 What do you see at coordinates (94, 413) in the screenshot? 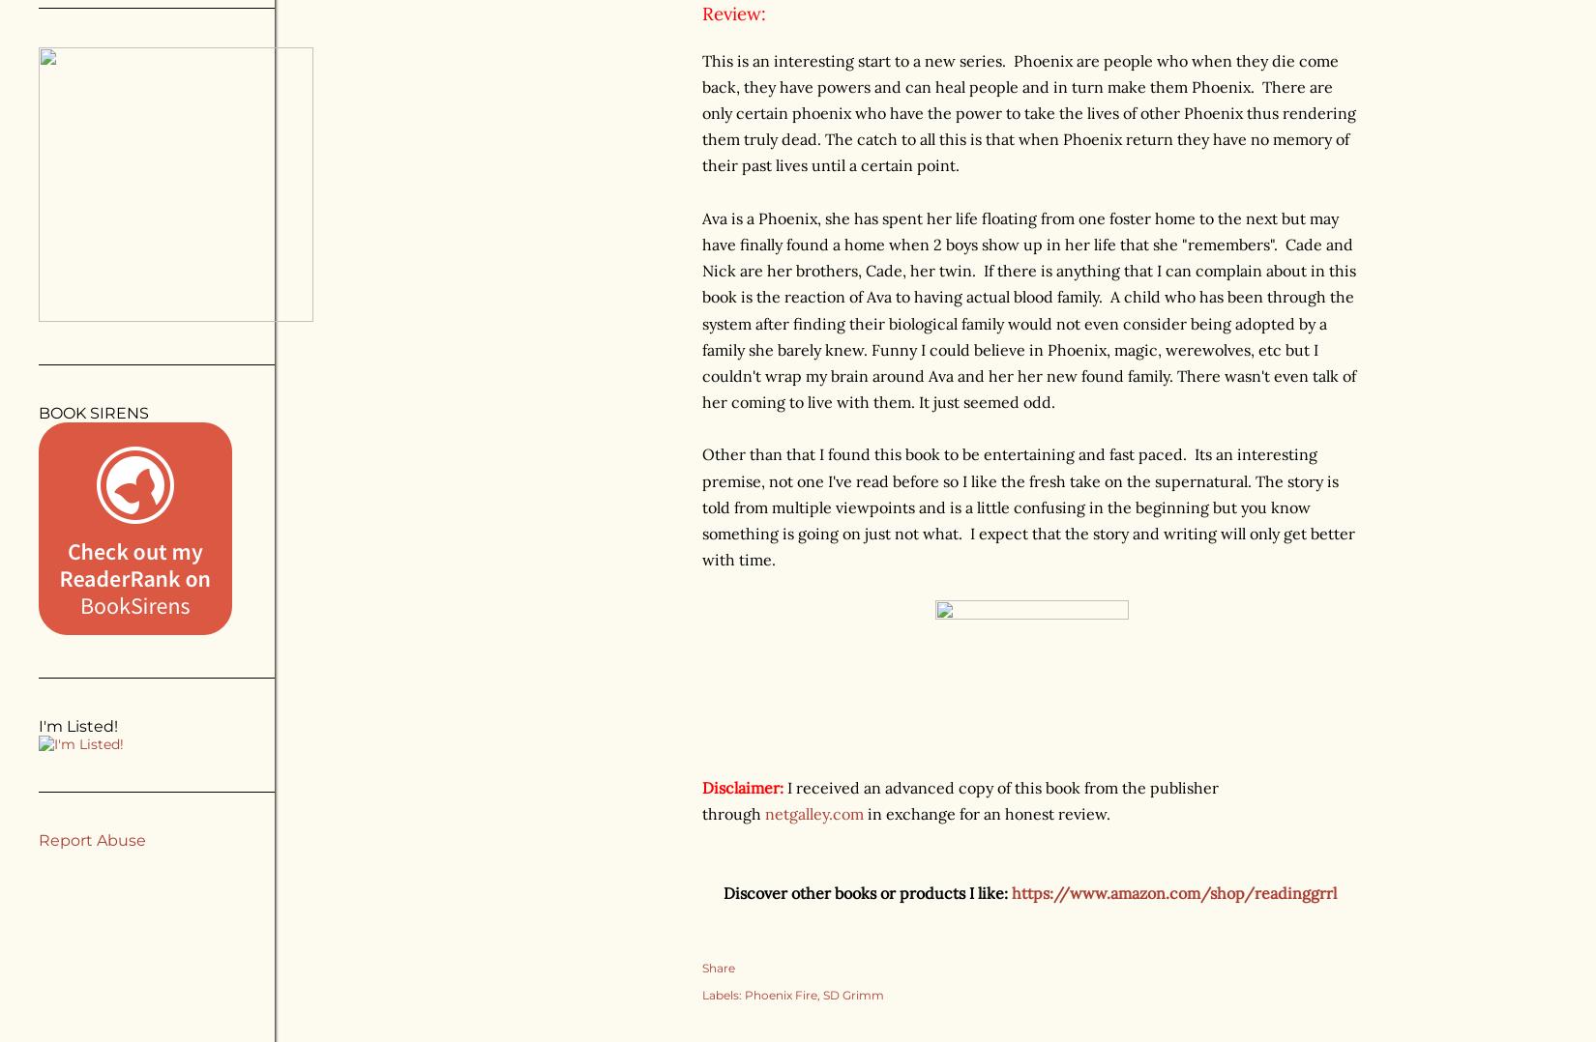
I see `'BOOK SIRENS'` at bounding box center [94, 413].